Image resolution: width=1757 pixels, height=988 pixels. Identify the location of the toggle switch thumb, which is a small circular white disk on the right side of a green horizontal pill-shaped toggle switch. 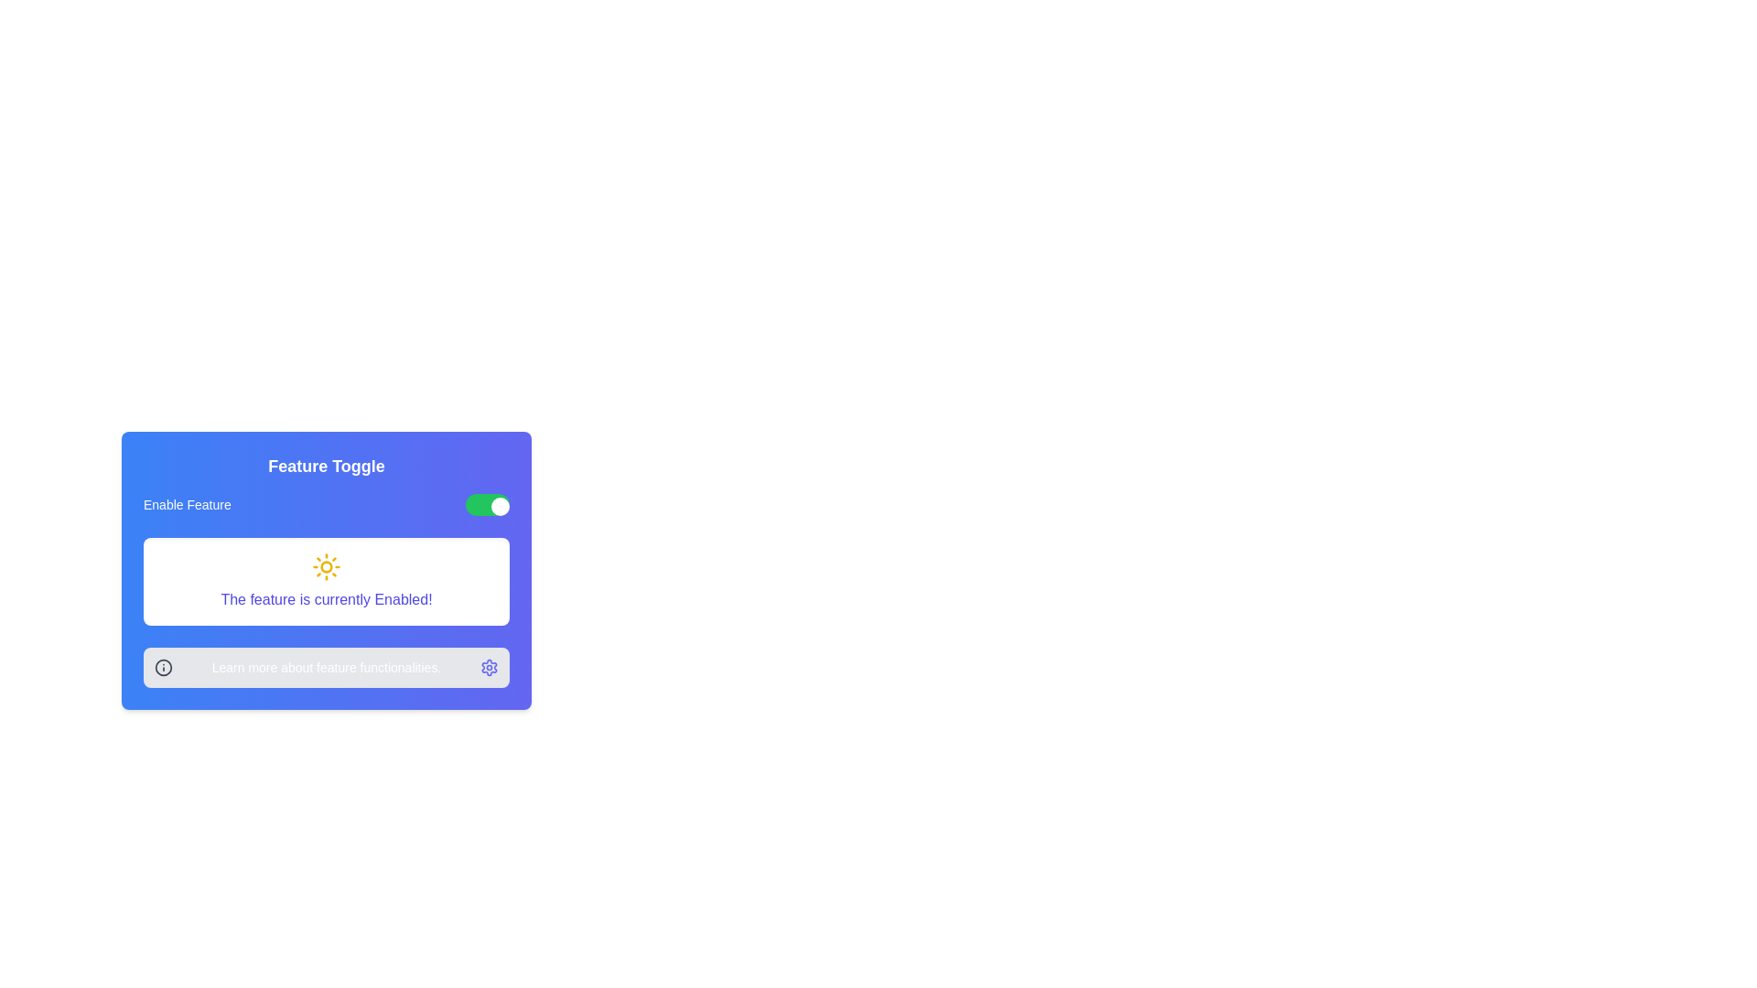
(501, 507).